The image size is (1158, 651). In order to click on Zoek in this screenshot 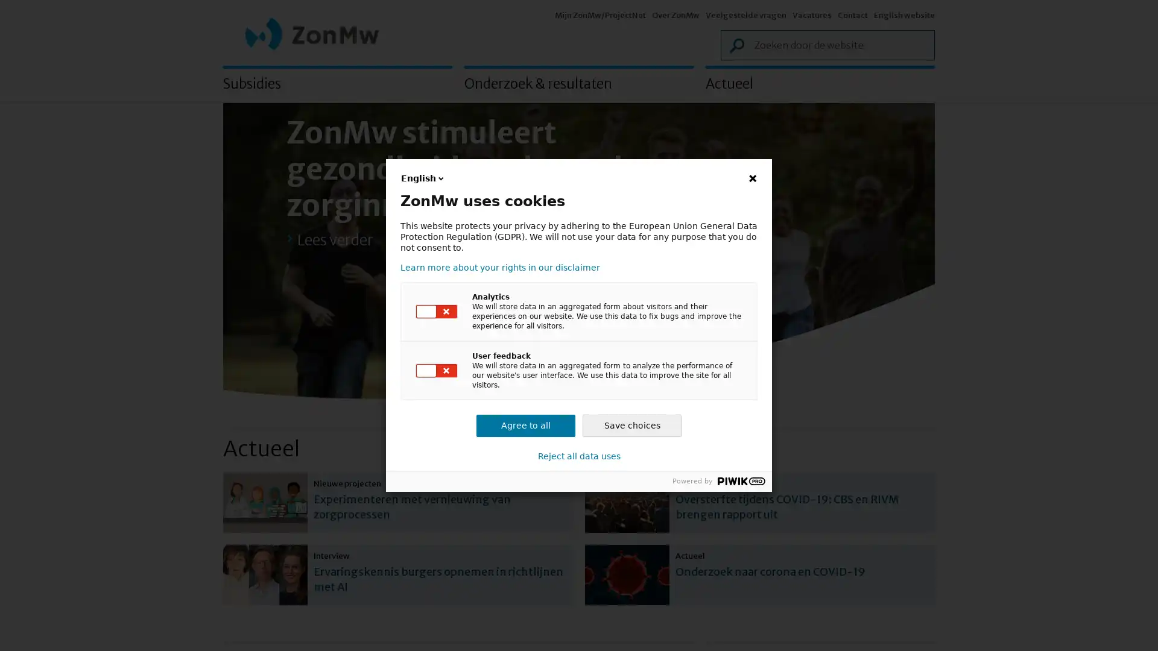, I will do `click(926, 45)`.